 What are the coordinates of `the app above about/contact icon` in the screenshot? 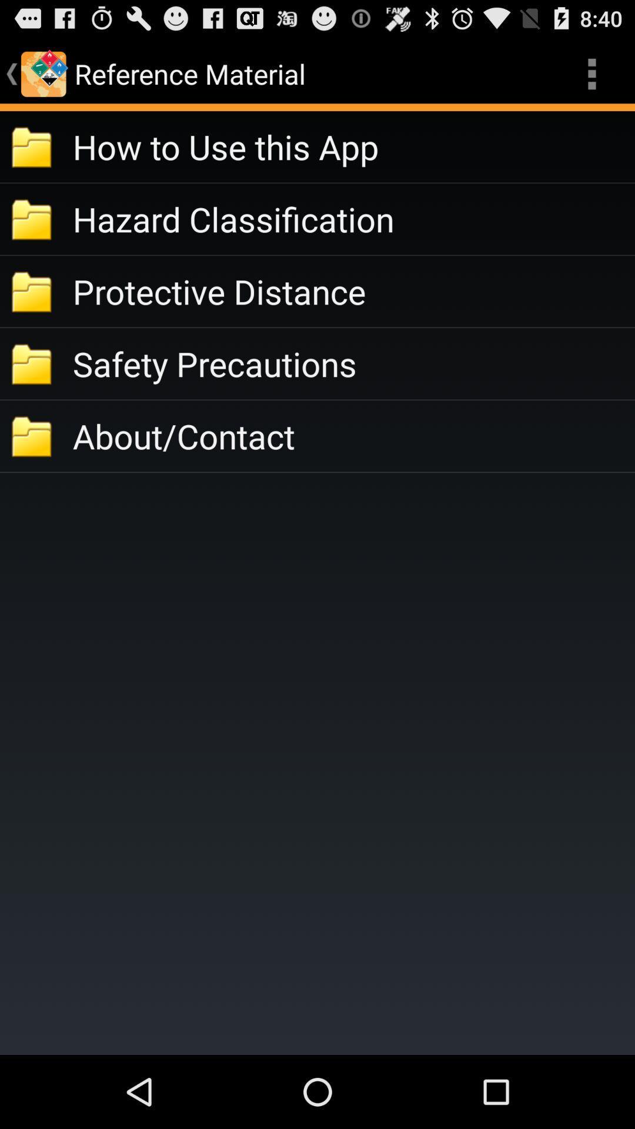 It's located at (353, 363).